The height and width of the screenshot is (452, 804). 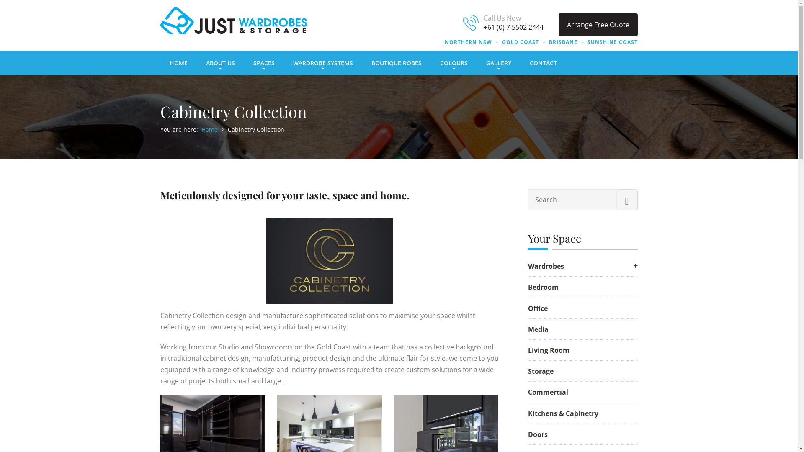 I want to click on '+61 (0) 7 5502 2444', so click(x=513, y=27).